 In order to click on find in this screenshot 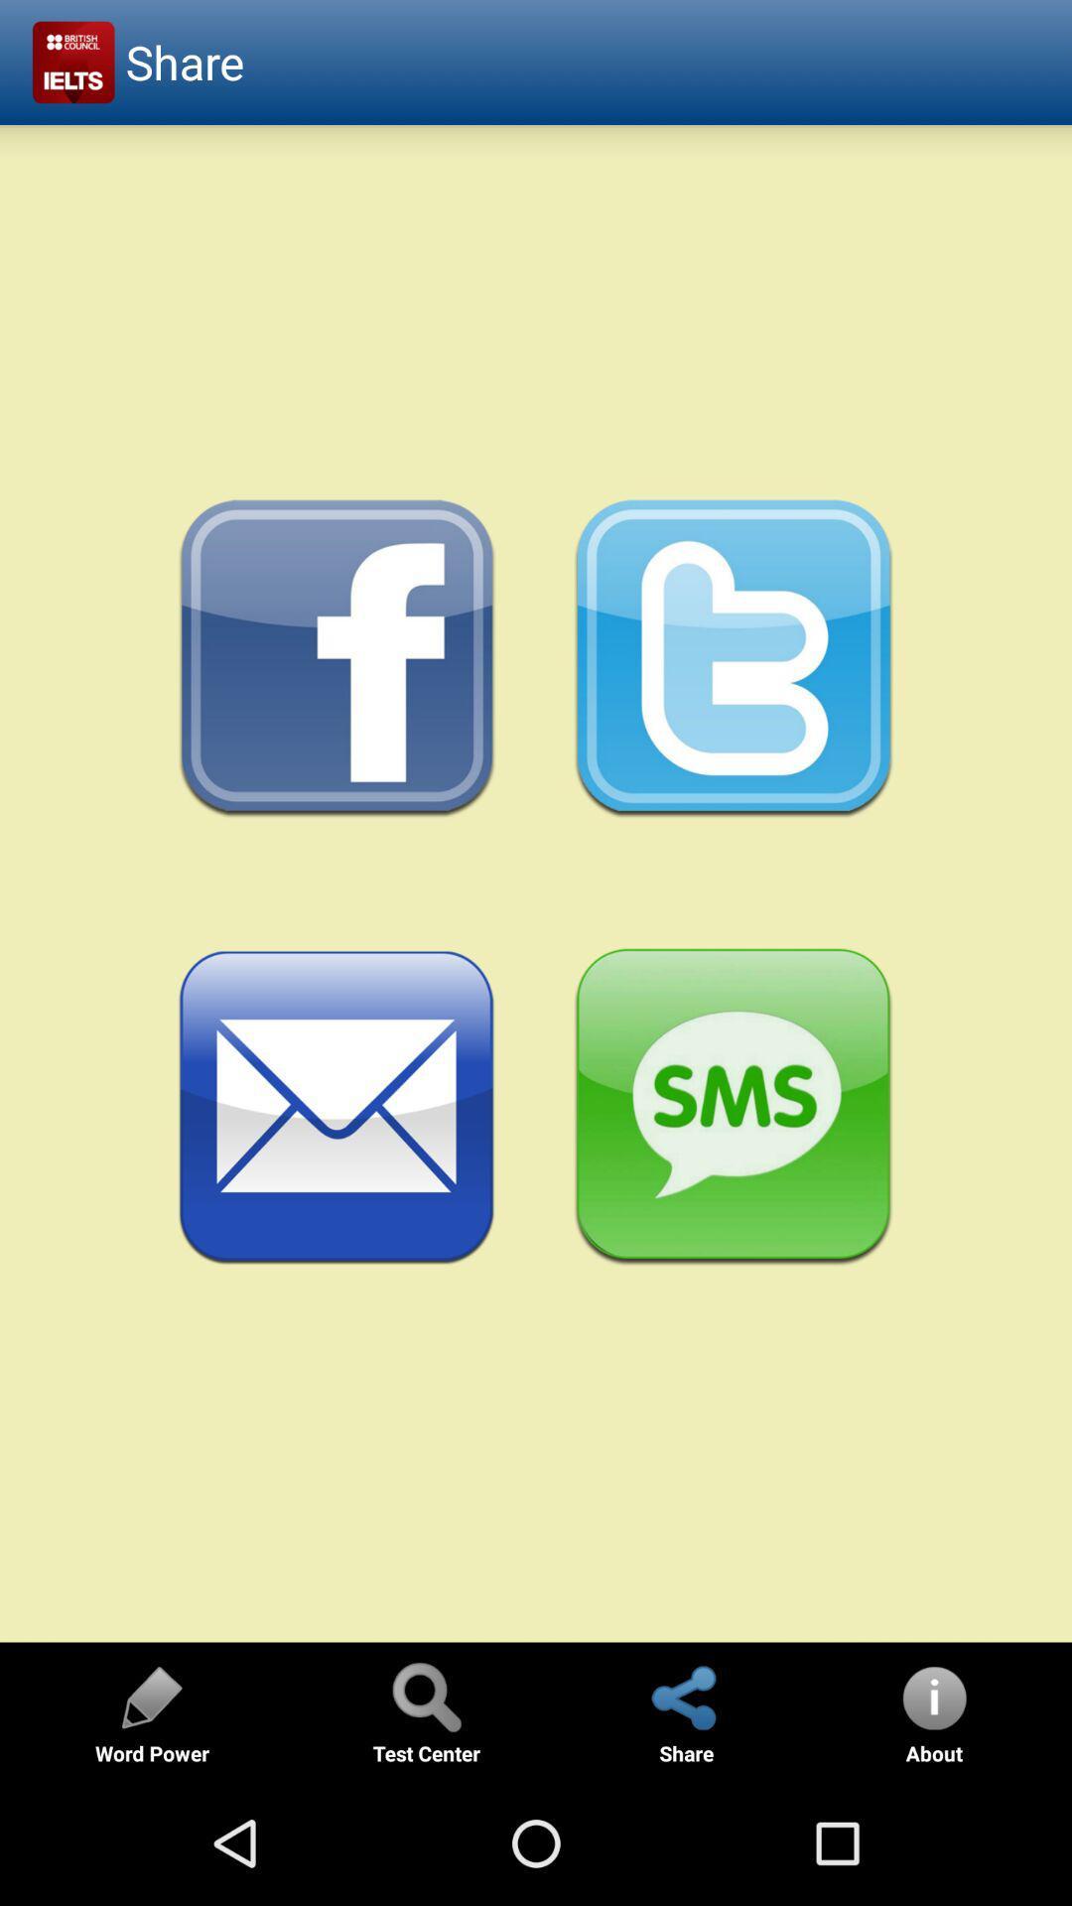, I will do `click(425, 1696)`.